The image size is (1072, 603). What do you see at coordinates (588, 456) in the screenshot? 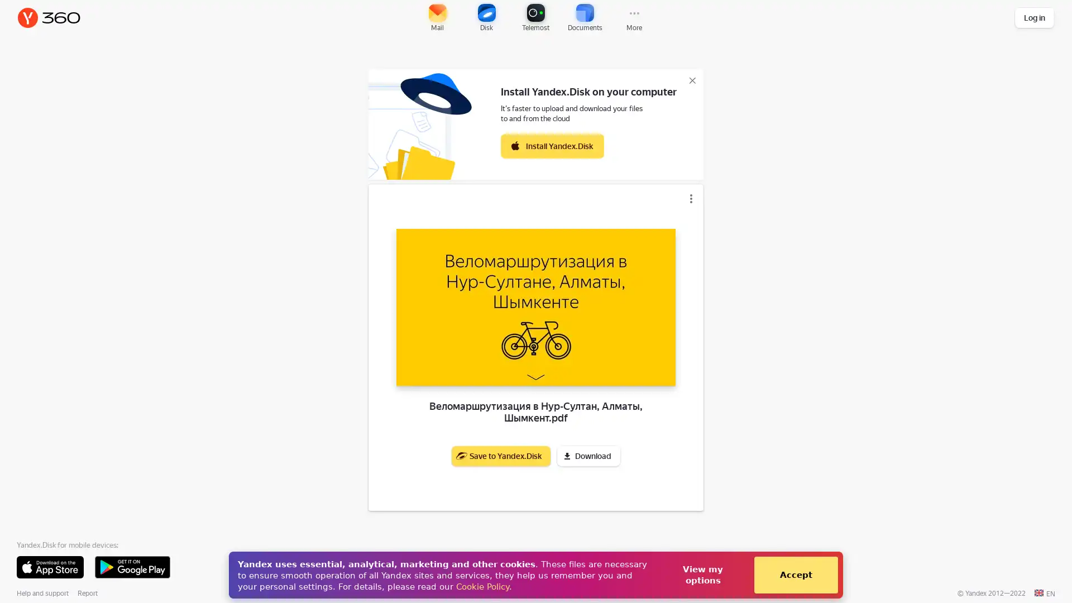
I see `Download` at bounding box center [588, 456].